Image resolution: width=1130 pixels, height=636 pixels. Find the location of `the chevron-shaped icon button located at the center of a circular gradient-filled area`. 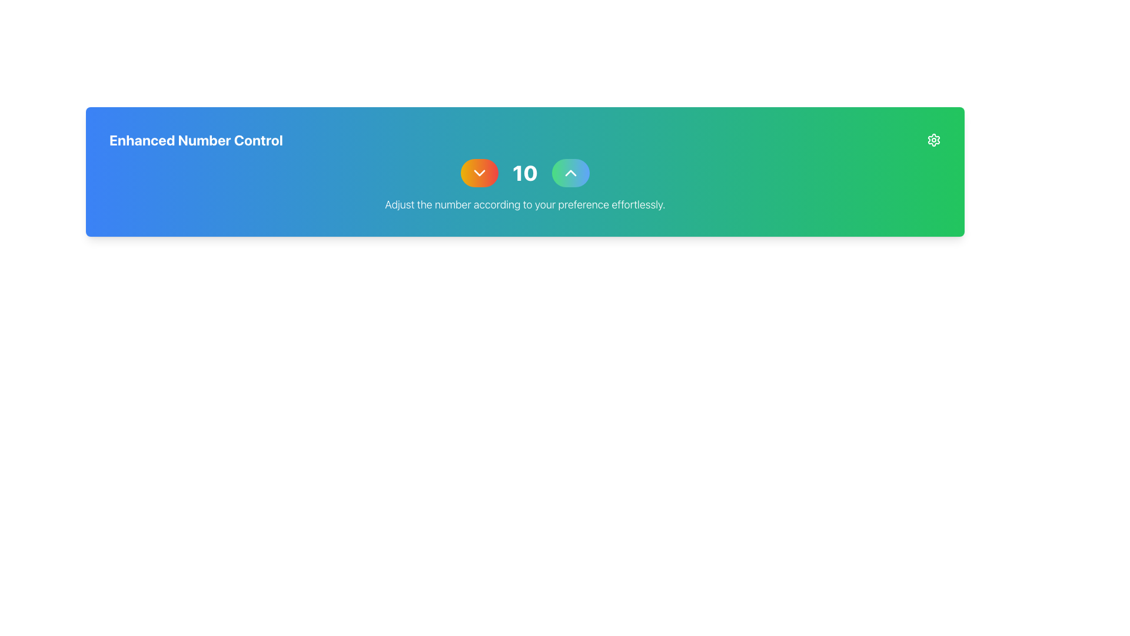

the chevron-shaped icon button located at the center of a circular gradient-filled area is located at coordinates (480, 173).